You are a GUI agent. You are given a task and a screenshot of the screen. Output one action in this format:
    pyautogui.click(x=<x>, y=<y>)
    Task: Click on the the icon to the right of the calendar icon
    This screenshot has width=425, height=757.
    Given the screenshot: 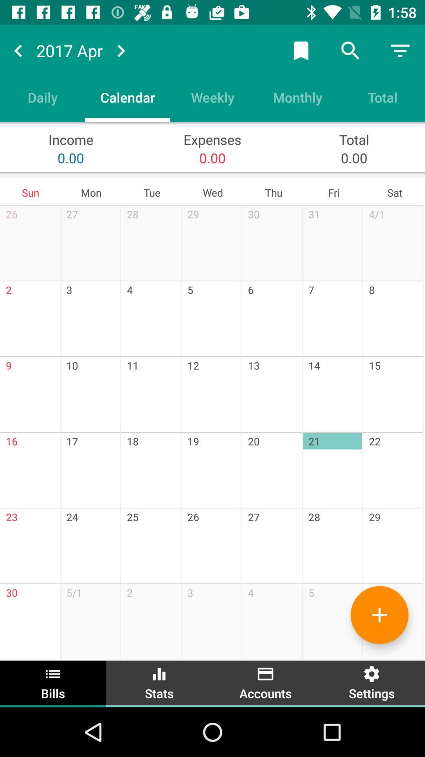 What is the action you would take?
    pyautogui.click(x=213, y=97)
    